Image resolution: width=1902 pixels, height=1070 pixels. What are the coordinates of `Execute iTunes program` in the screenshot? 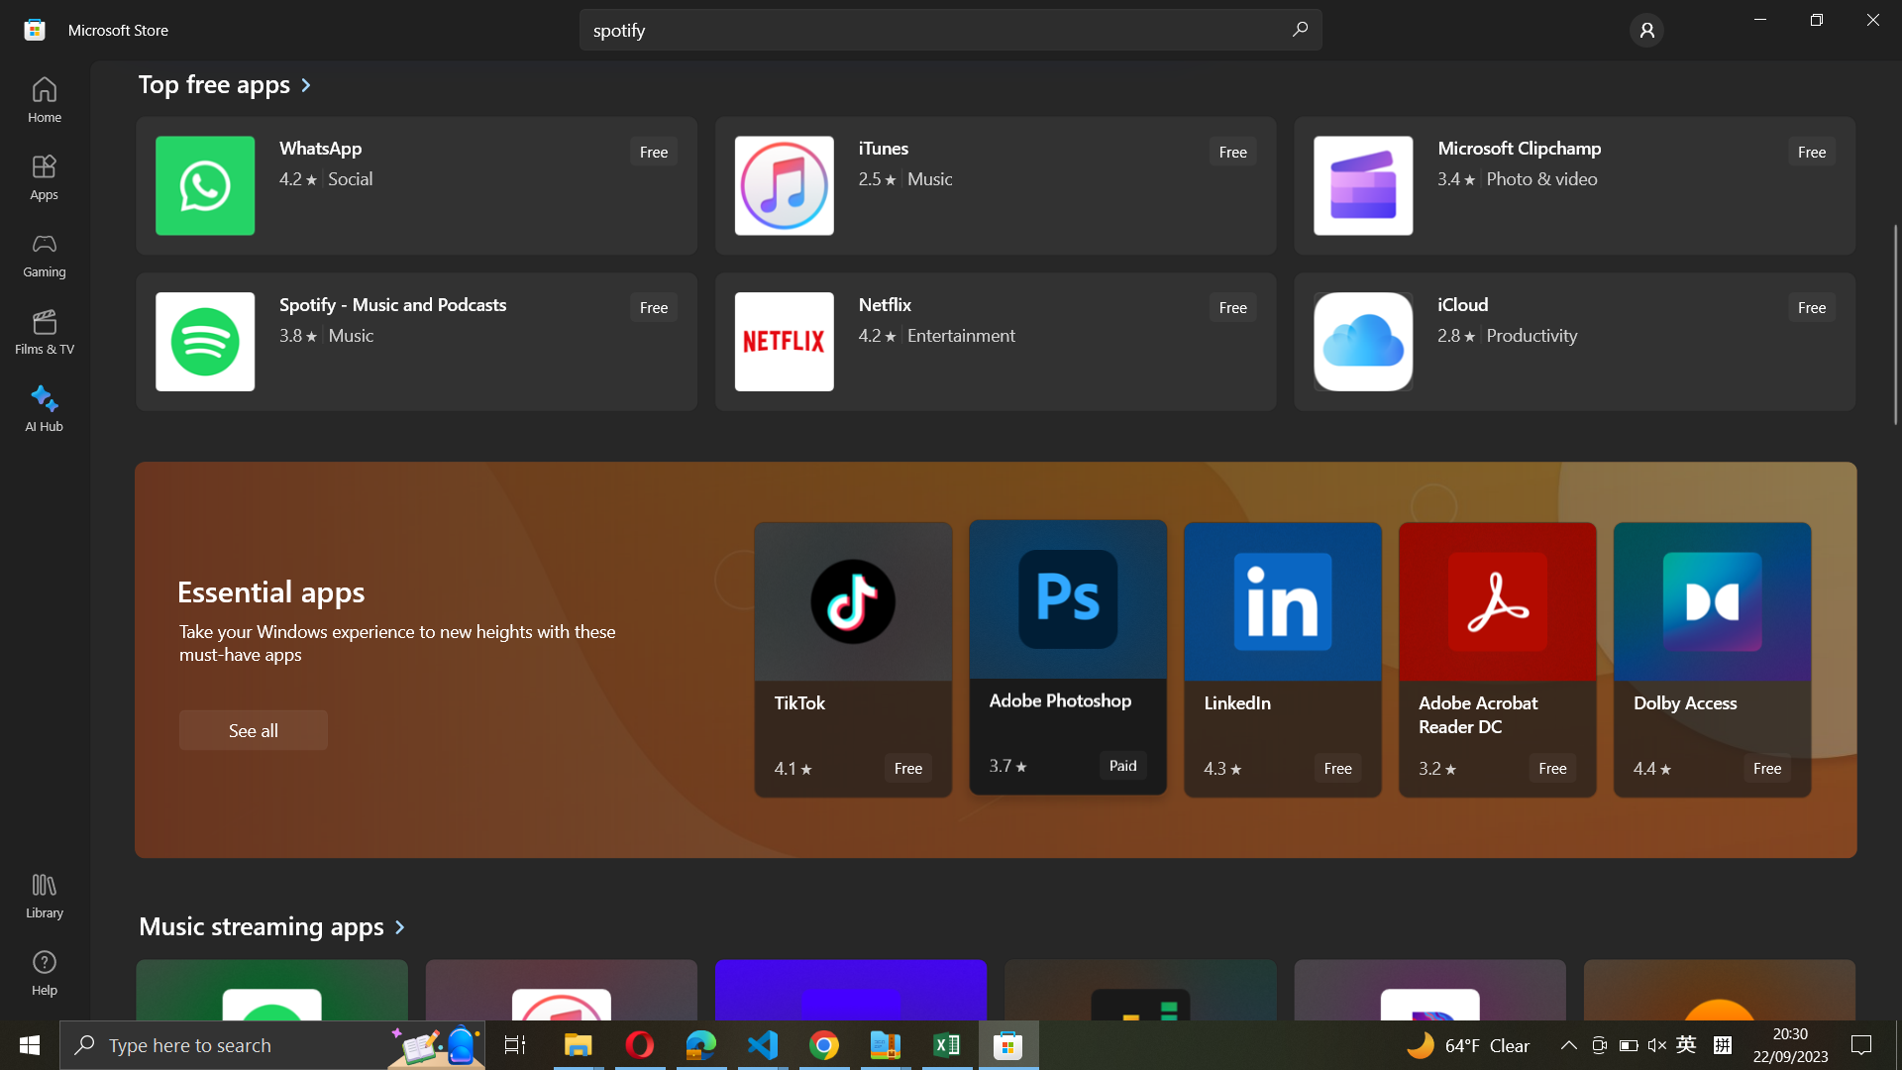 It's located at (993, 187).